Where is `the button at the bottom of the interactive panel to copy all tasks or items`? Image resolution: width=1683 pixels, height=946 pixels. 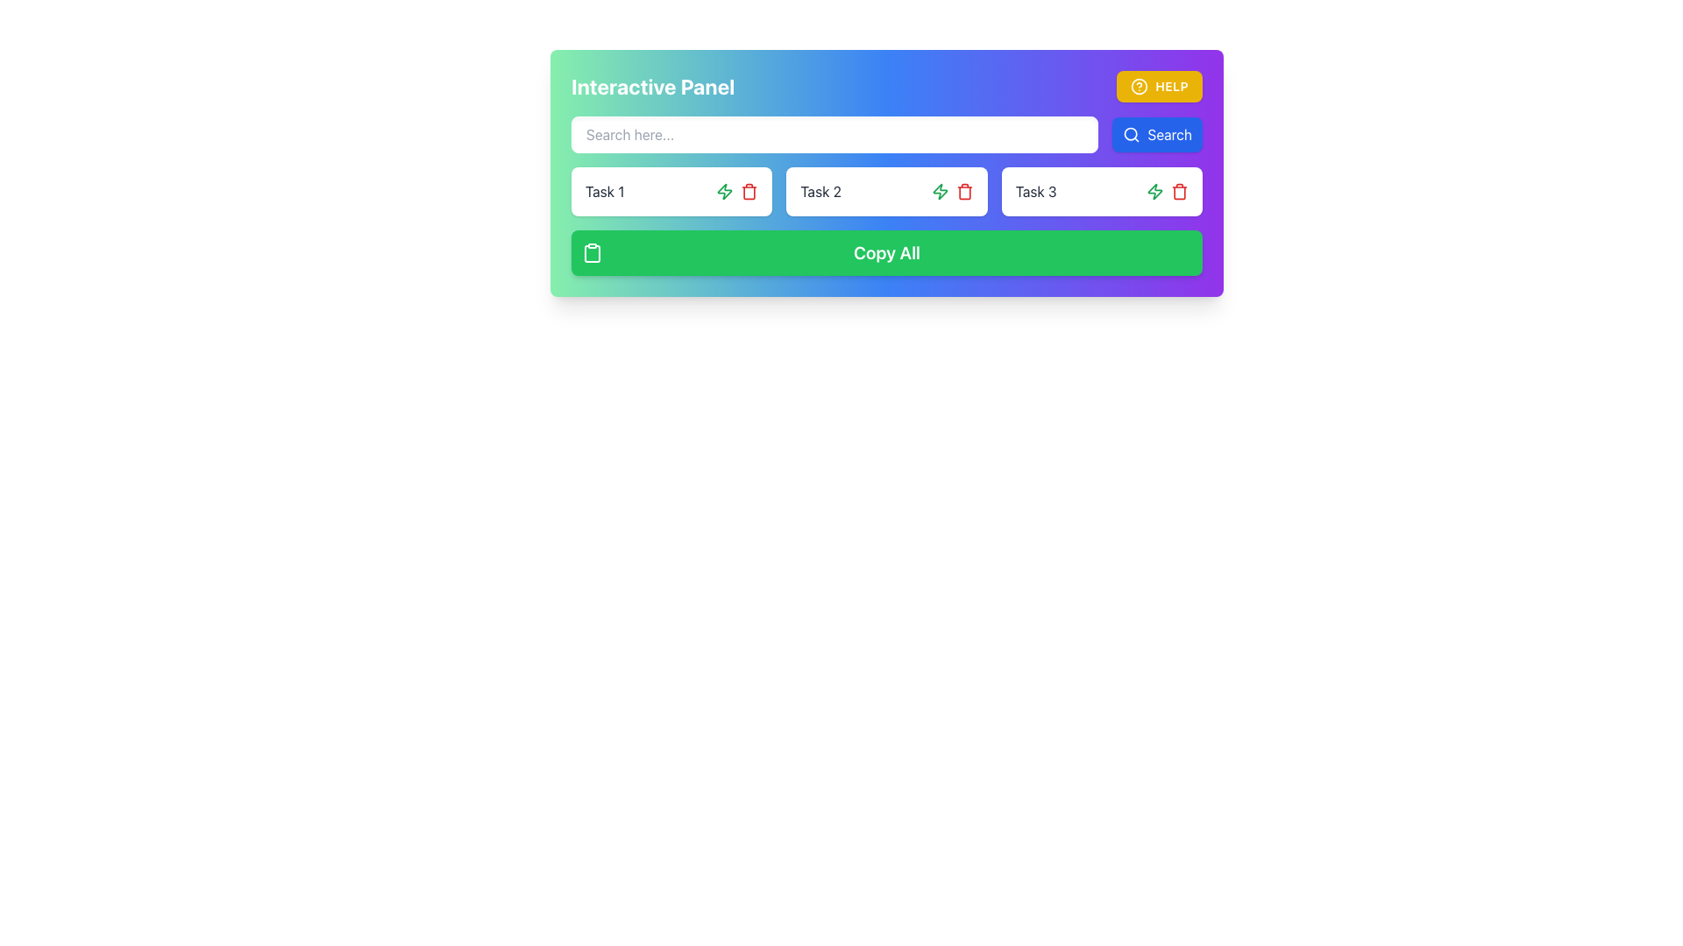
the button at the bottom of the interactive panel to copy all tasks or items is located at coordinates (887, 253).